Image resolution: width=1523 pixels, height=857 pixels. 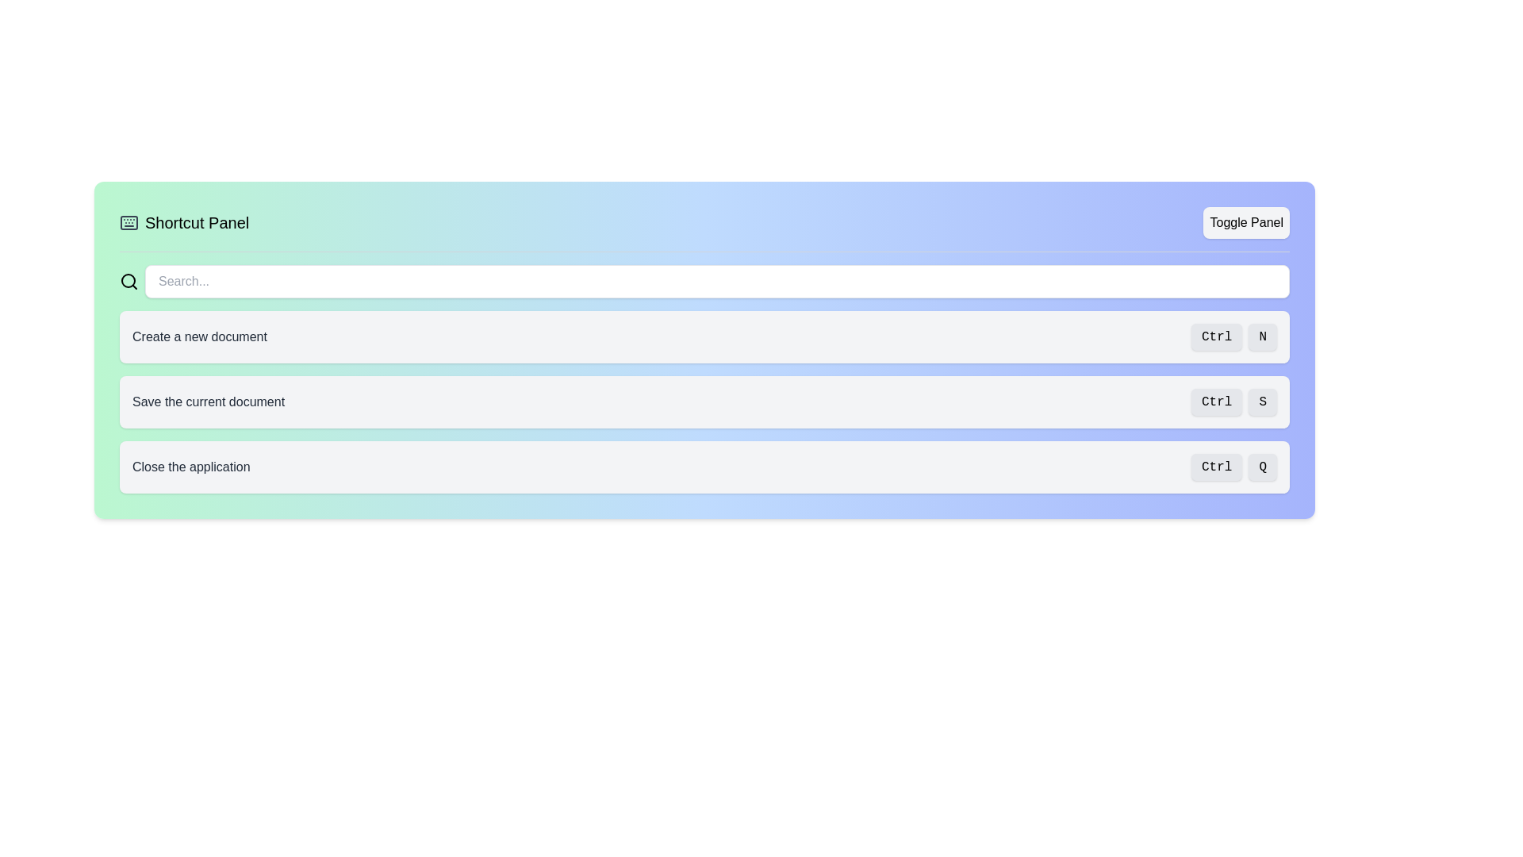 I want to click on the input field adjacent to the search icon located on the left side of the search bar, so click(x=129, y=280).